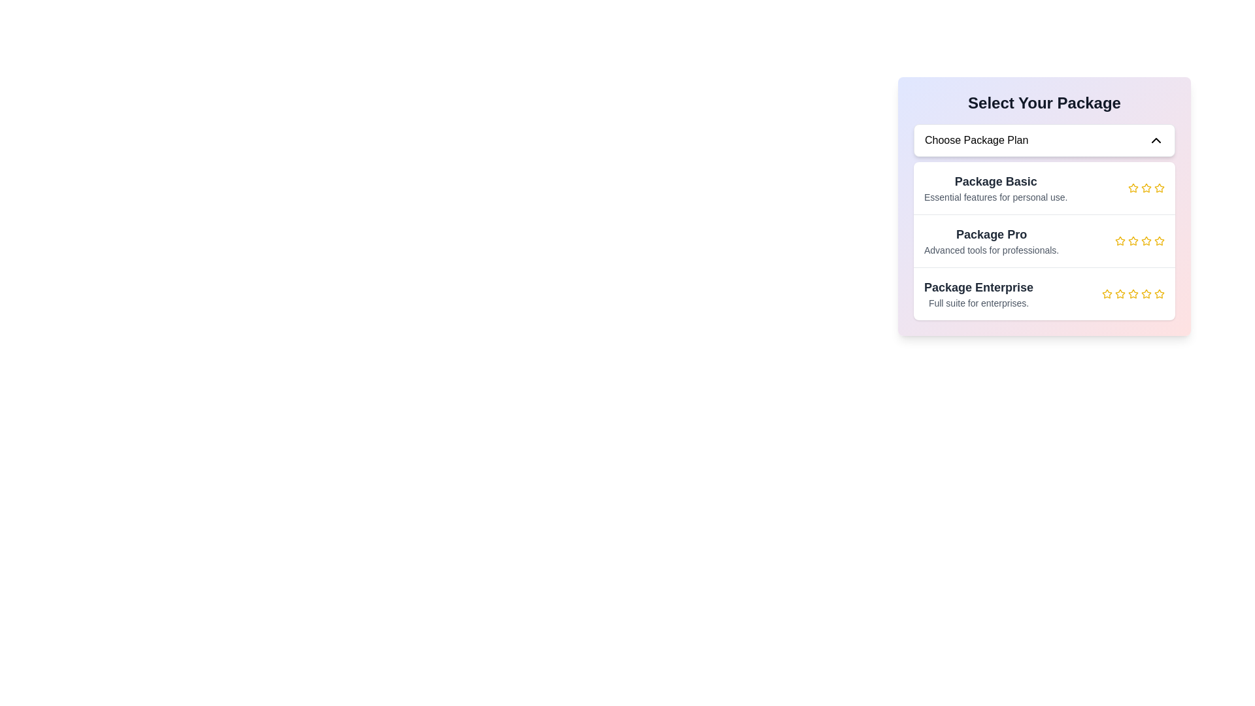 The width and height of the screenshot is (1255, 706). Describe the element at coordinates (995, 181) in the screenshot. I see `the Text label that serves as the title for the package option, positioned above the description text 'Essential features for personal use.'` at that location.